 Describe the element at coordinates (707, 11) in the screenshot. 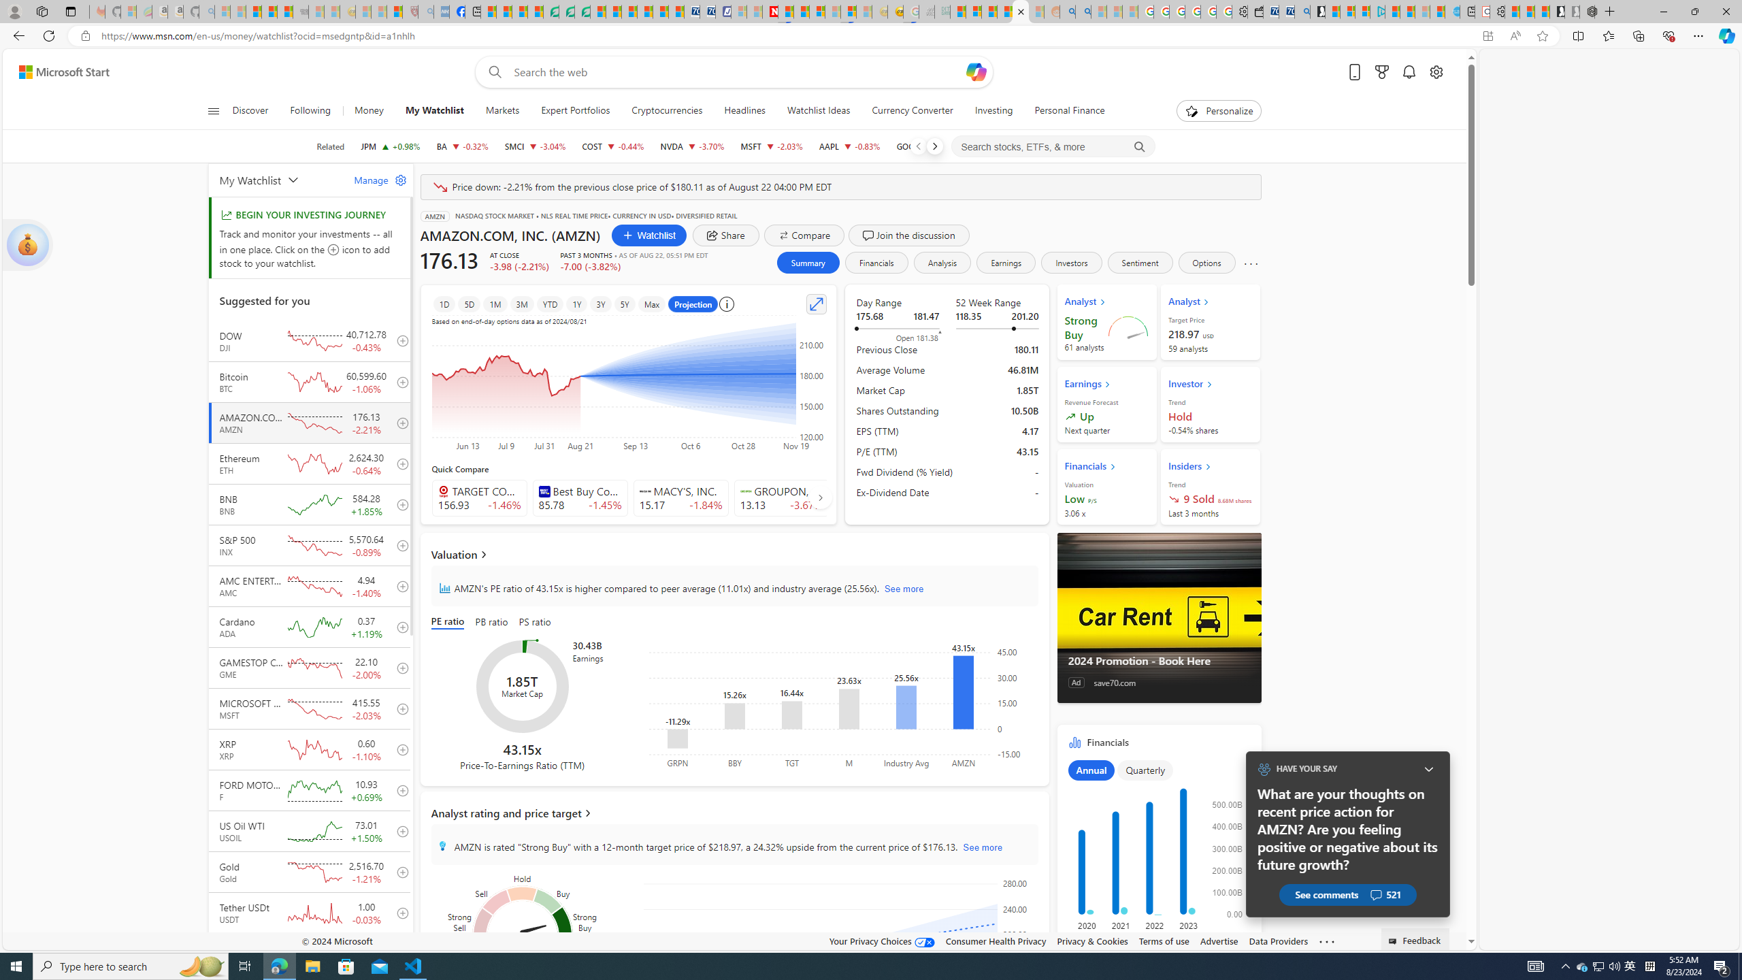

I see `'Cheap Hotels - Save70.com'` at that location.